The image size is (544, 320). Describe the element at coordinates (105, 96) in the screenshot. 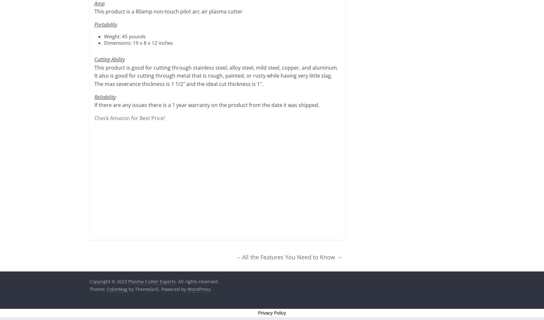

I see `'Reliability'` at that location.